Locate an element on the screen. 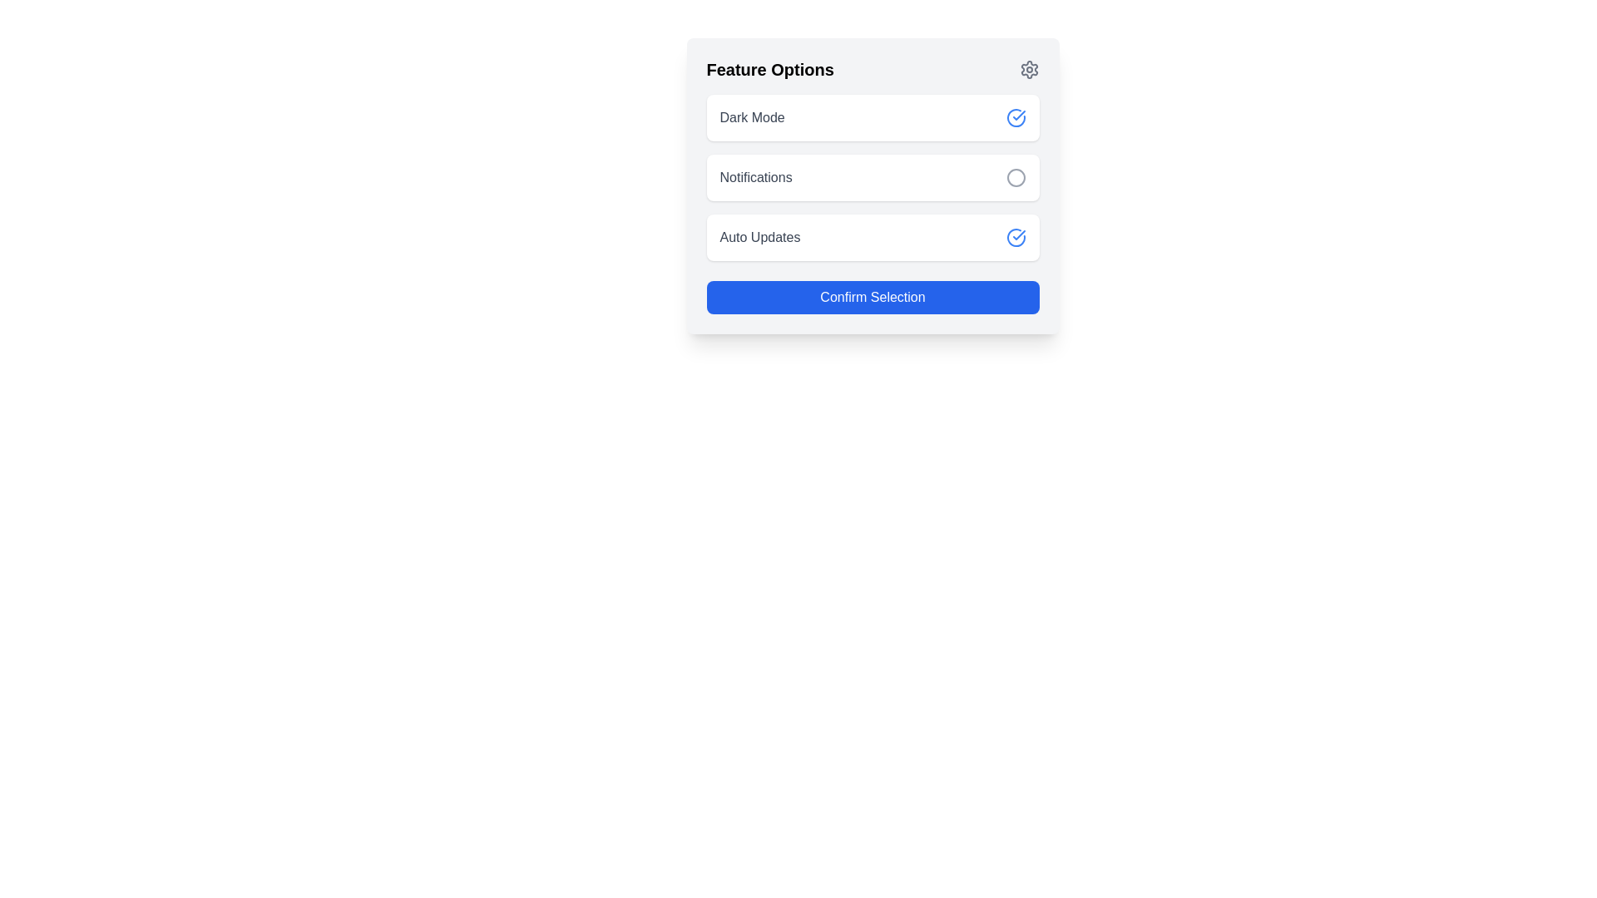  the specific sub-element within the feature selection panel, which includes options like dark mode, notifications, and auto updates is located at coordinates (872, 185).